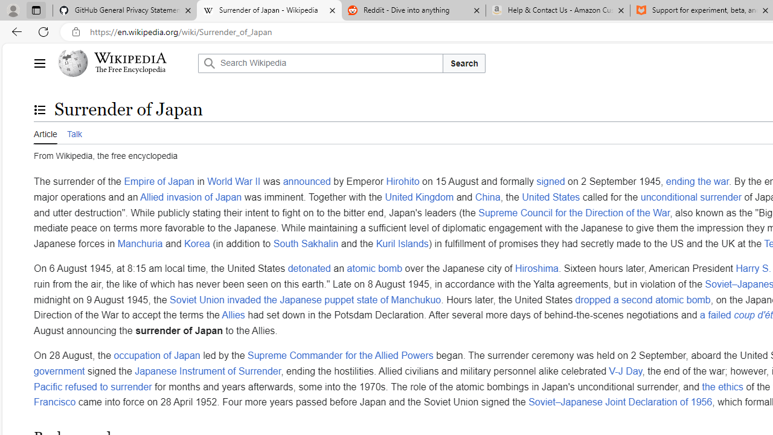 The image size is (773, 435). I want to click on 'Toggle the table of contents', so click(39, 109).